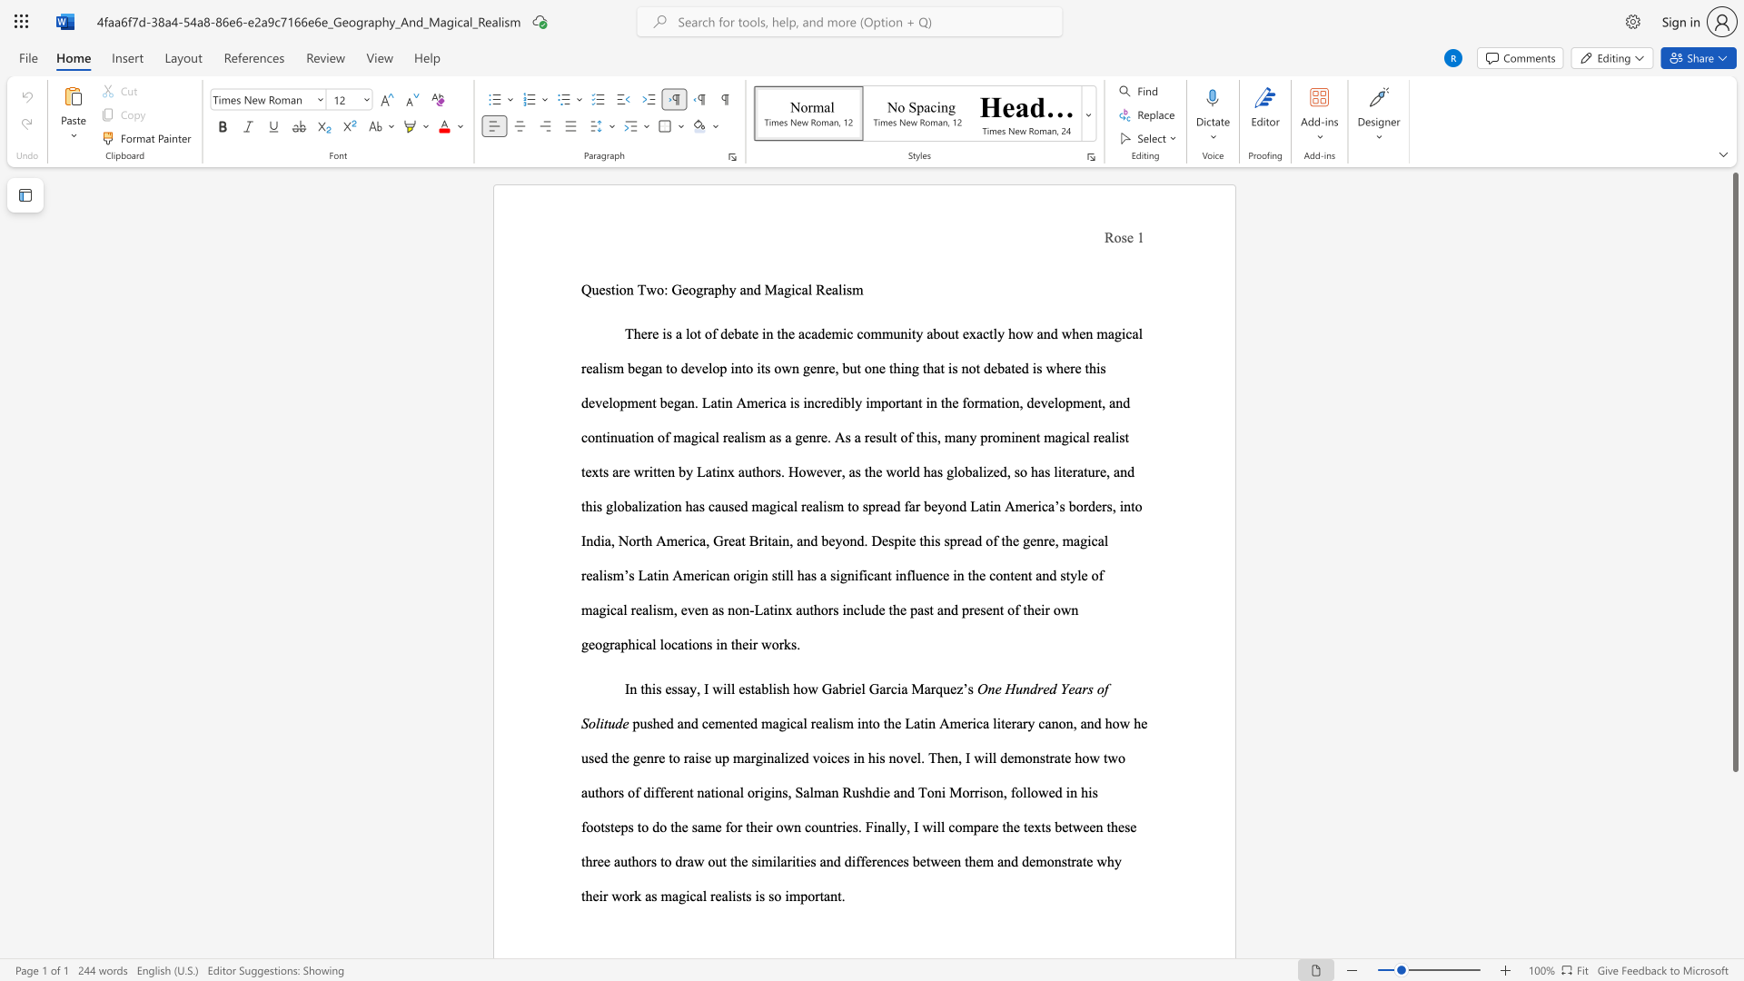  What do you see at coordinates (670, 895) in the screenshot?
I see `the subset text "agica" within the text "why their work as magical r"` at bounding box center [670, 895].